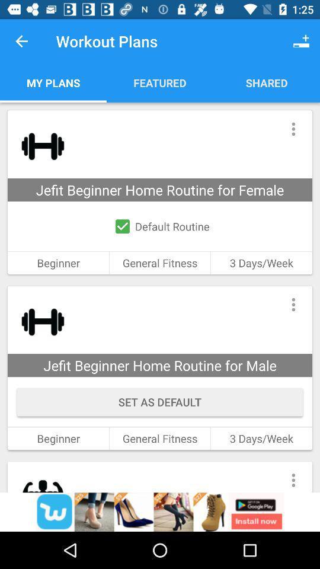 This screenshot has width=320, height=569. Describe the element at coordinates (293, 477) in the screenshot. I see `open menu` at that location.